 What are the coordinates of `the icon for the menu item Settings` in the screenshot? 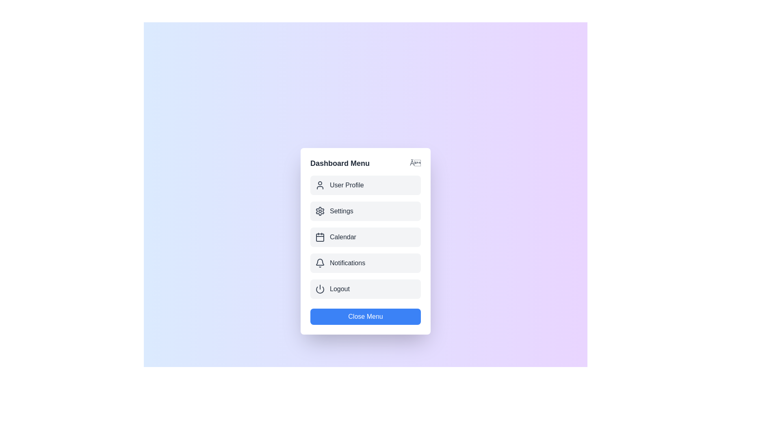 It's located at (319, 210).